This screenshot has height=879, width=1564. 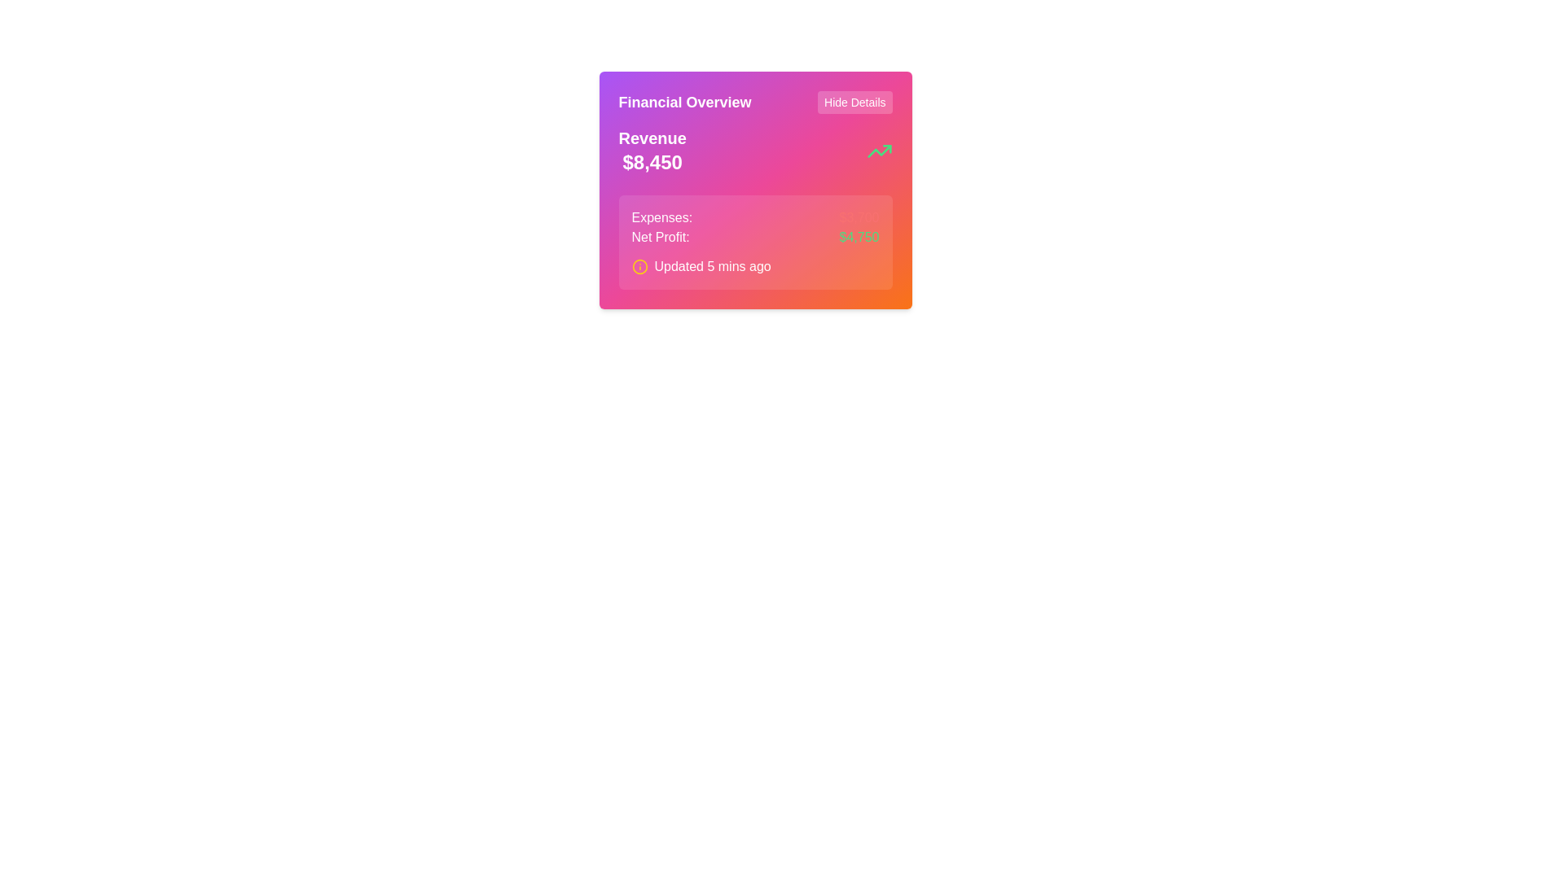 I want to click on the informational label with a yellow circular icon and the text 'Updated 5 mins ago', located below the text 'Net Profit: $4,750', so click(x=754, y=265).